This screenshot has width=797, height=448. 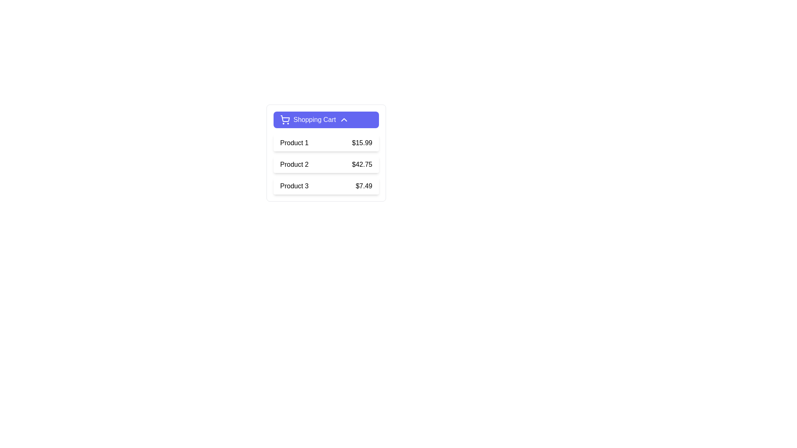 I want to click on the label displaying 'Product 1', which is positioned to the left of the price '$15.99' in the product list, so click(x=294, y=142).